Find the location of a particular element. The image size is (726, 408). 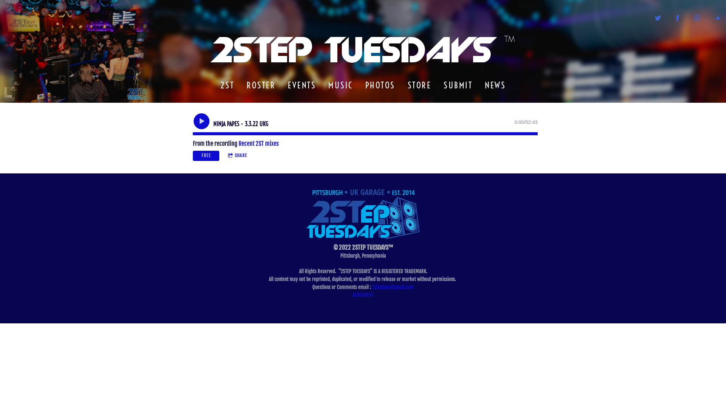

'EVENTS' is located at coordinates (283, 85).